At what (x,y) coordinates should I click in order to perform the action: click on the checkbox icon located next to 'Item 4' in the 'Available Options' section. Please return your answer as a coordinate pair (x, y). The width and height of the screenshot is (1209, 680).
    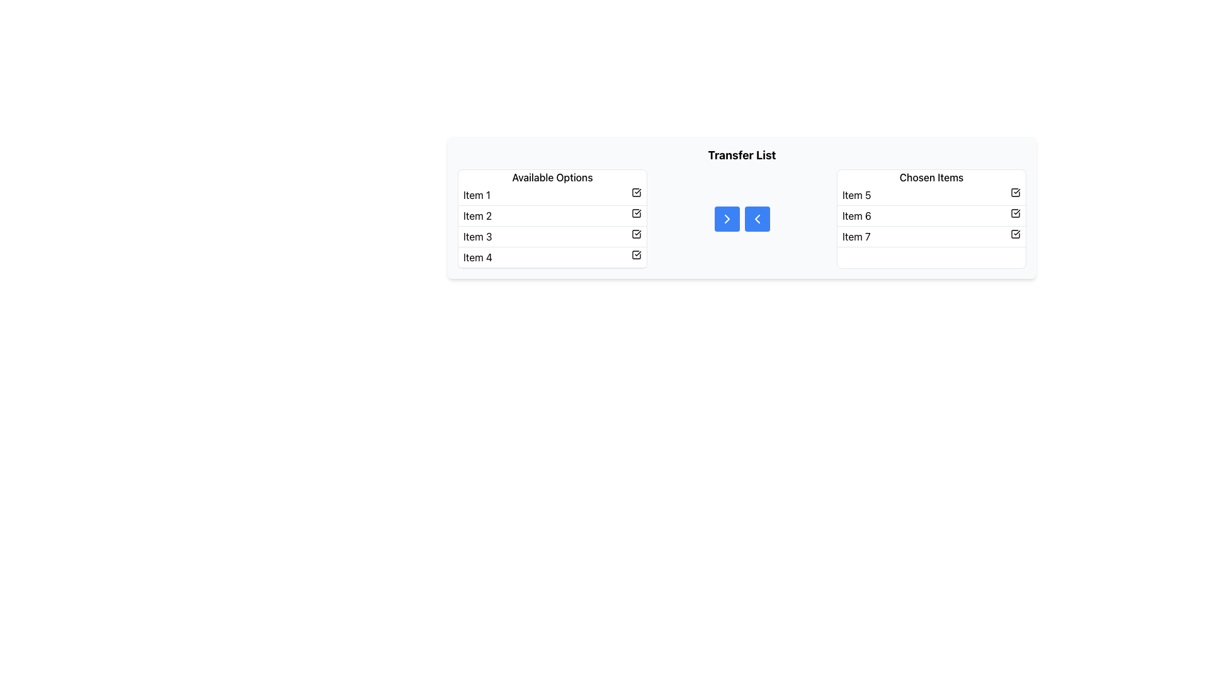
    Looking at the image, I should click on (637, 255).